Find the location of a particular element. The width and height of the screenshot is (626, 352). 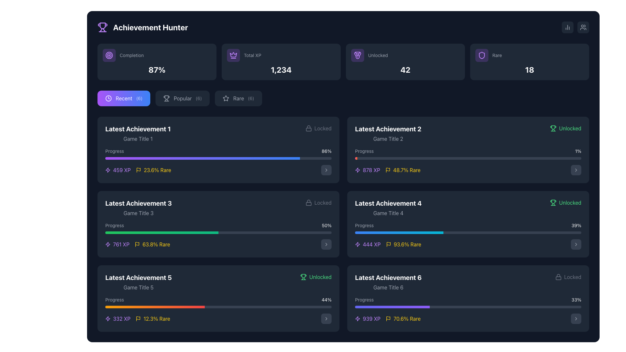

the 'Recent' button, which is the first button in the horizontal group of three buttons under the 'Achievement Hunter' header, to filter content is located at coordinates (124, 98).